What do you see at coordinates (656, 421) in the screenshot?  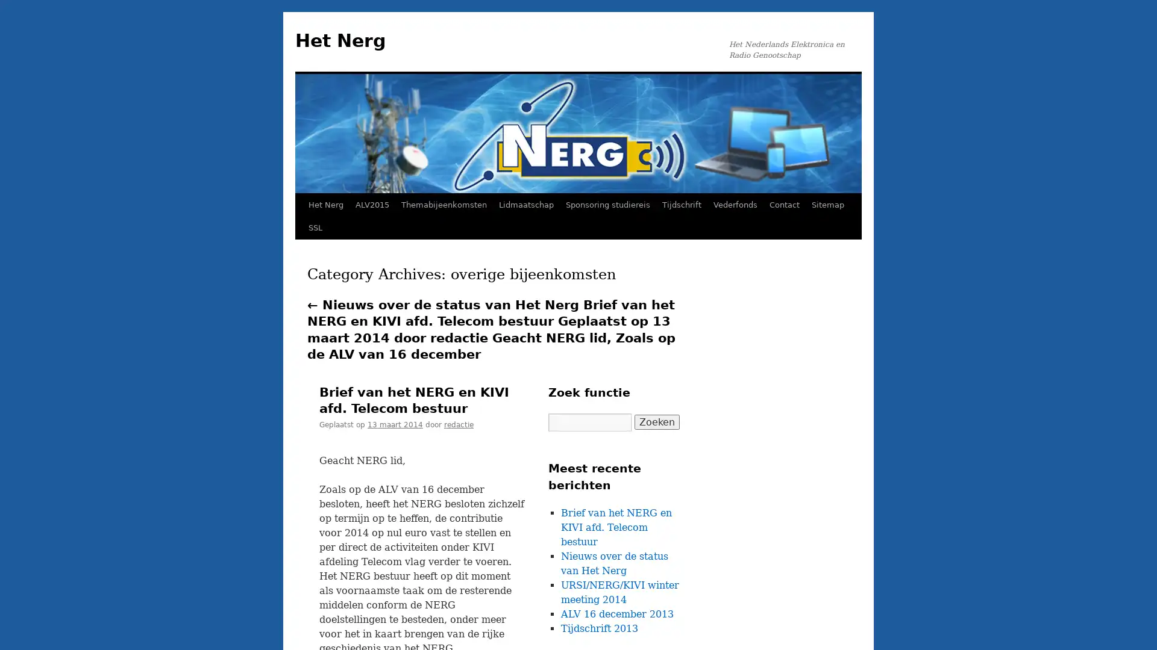 I see `Zoeken` at bounding box center [656, 421].